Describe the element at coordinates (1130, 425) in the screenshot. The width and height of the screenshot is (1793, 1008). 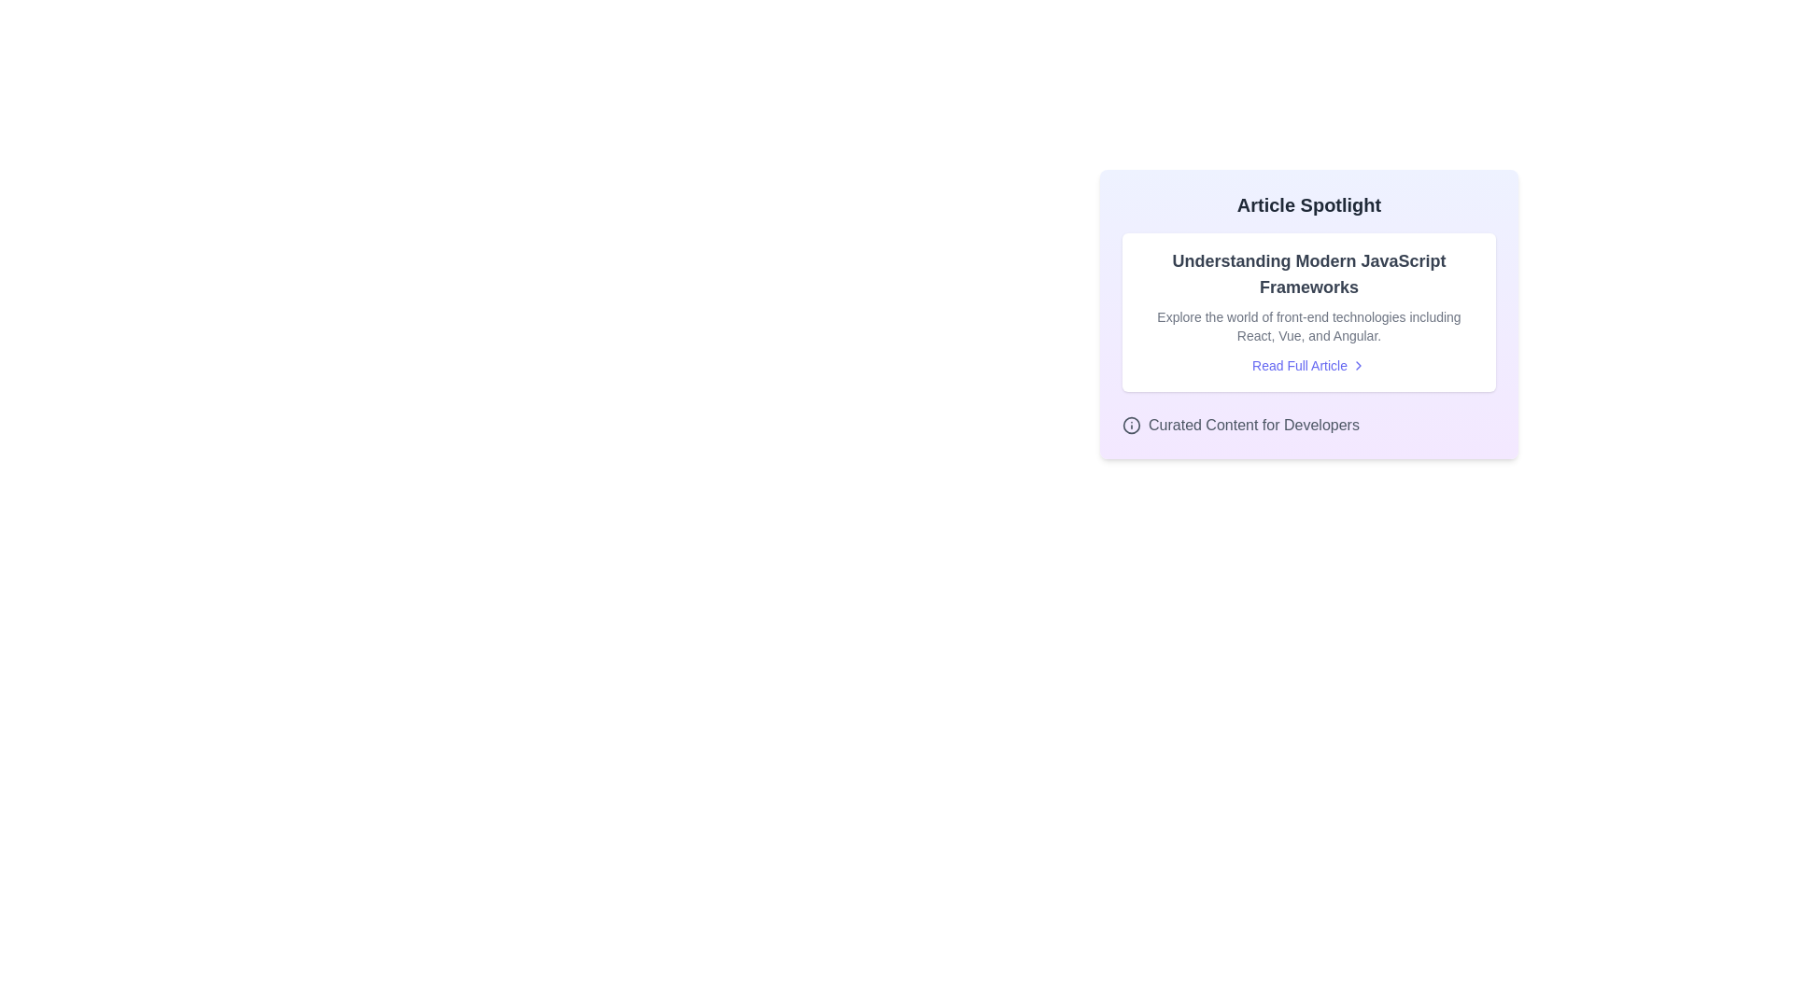
I see `the first circular element of the SVG icon representing an 'info' symbol, which serves as the outer circle or boundary` at that location.